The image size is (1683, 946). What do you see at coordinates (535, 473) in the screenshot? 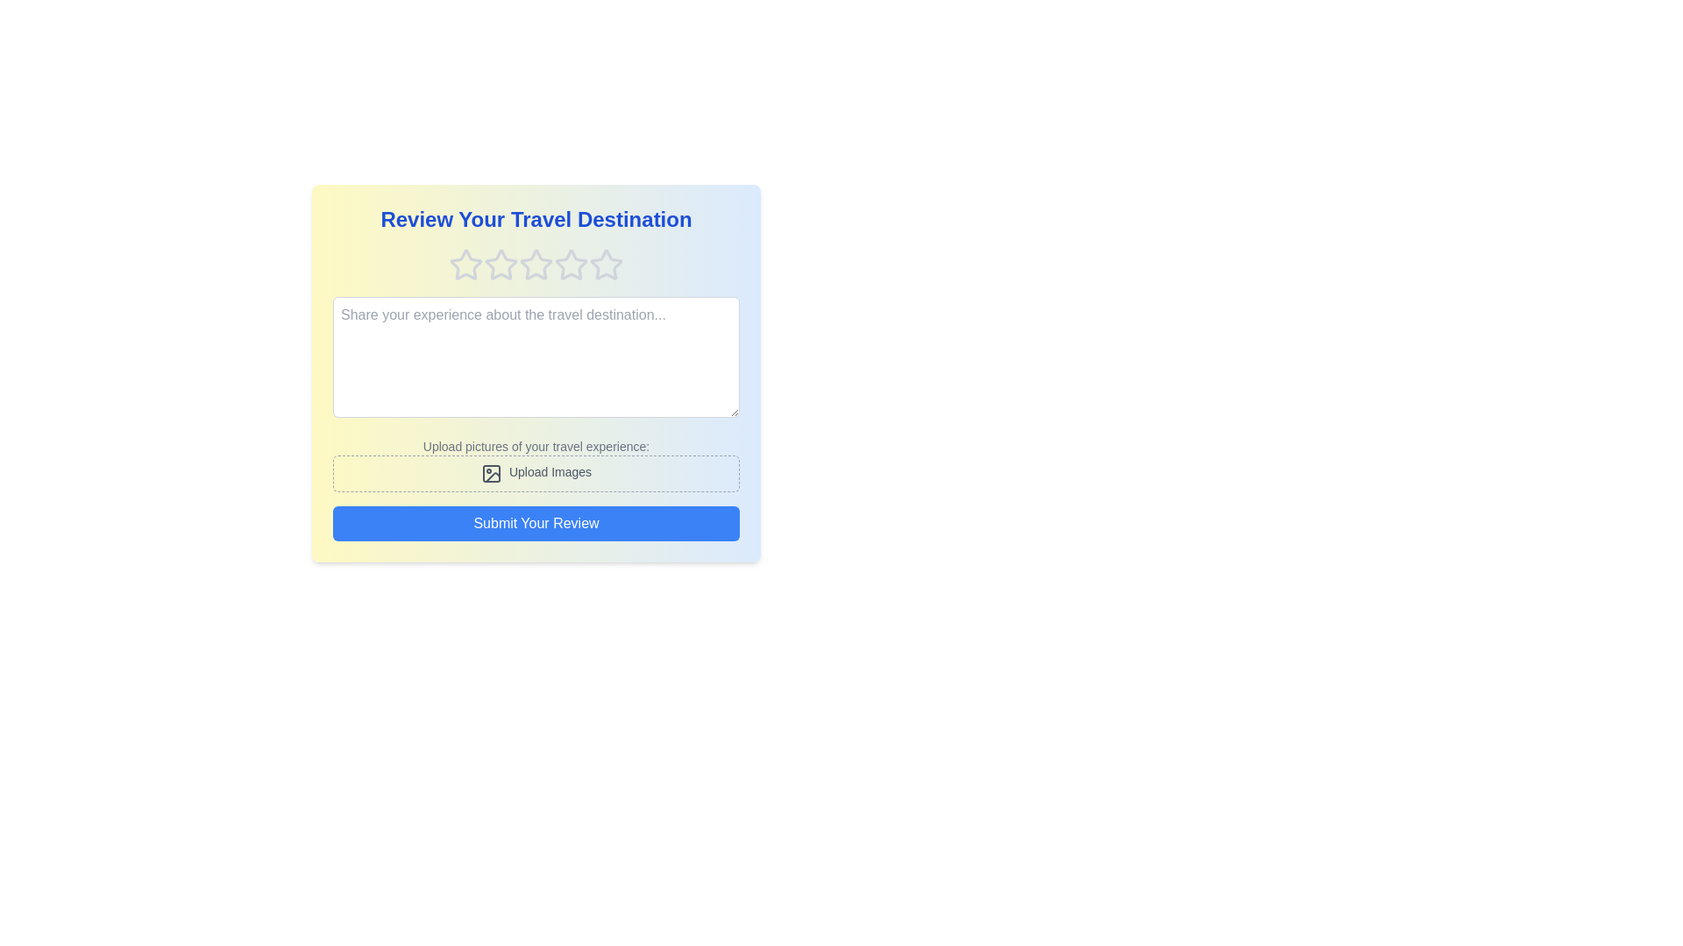
I see `the 'Upload Images' section to initiate the image upload process` at bounding box center [535, 473].